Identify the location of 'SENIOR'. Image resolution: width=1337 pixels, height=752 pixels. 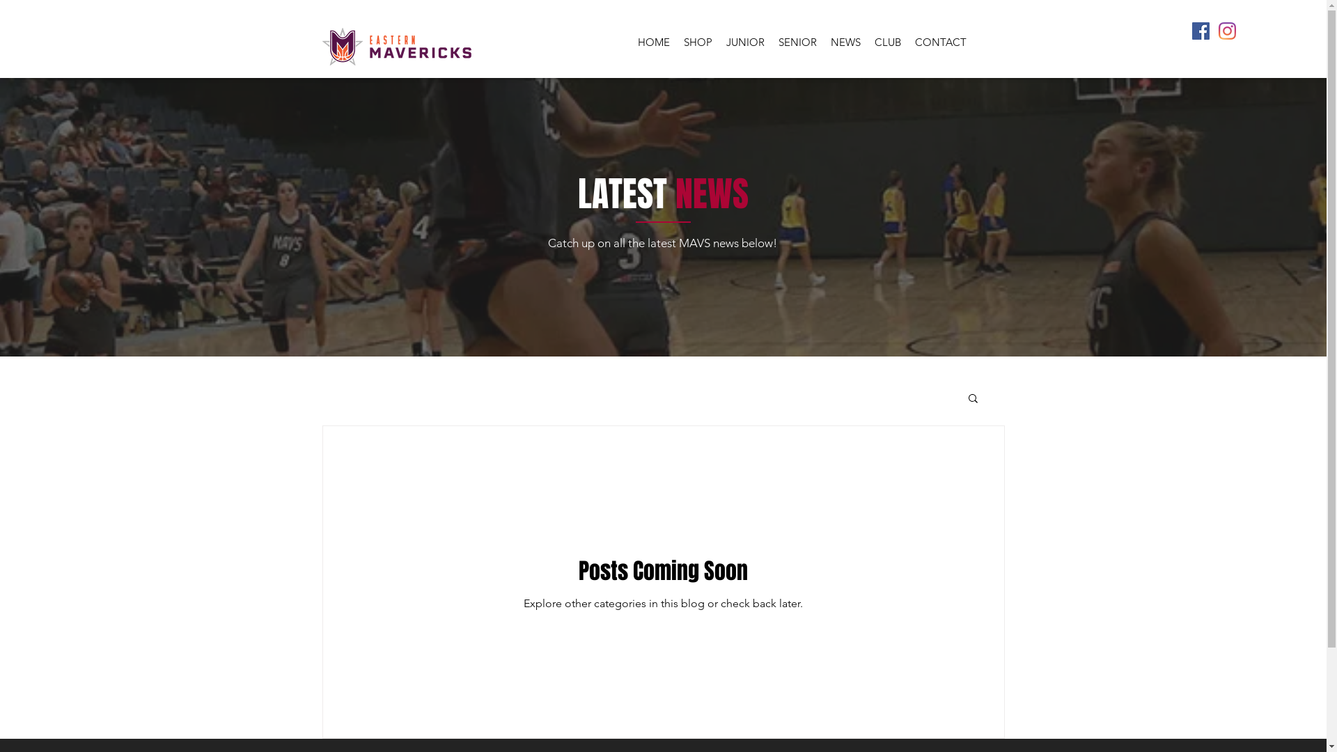
(797, 41).